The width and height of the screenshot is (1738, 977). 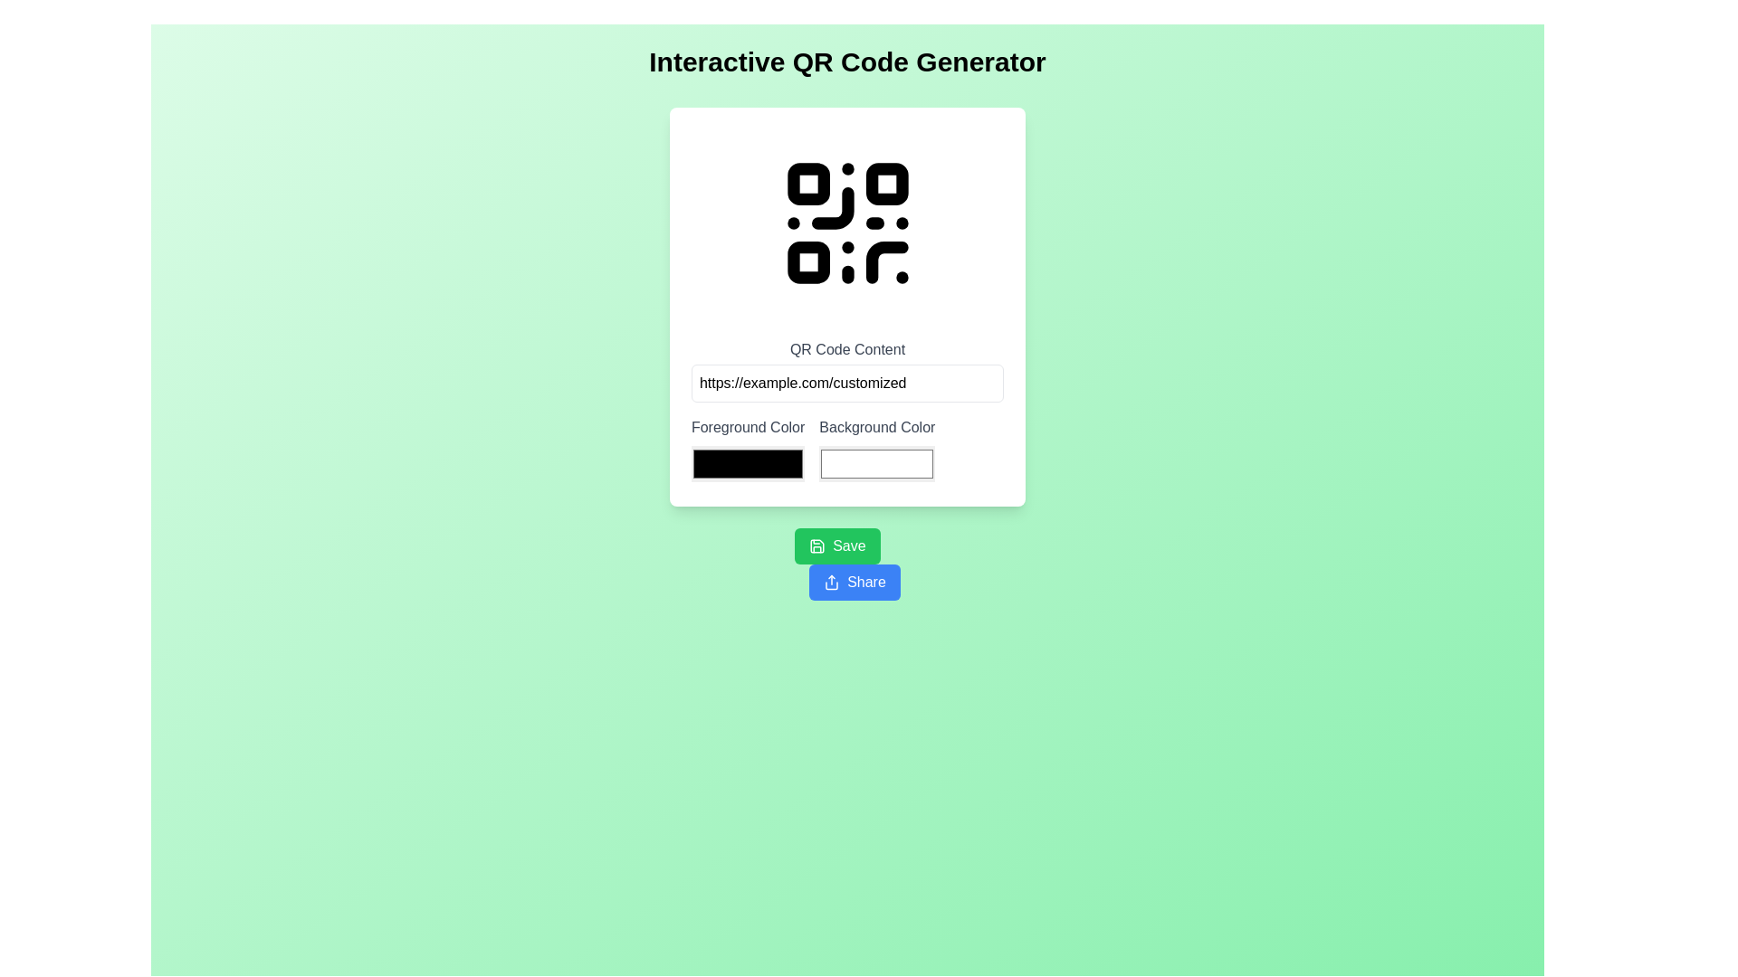 What do you see at coordinates (748, 428) in the screenshot?
I see `the static label text that guides users to the adjacent color input field, located to the left of the color selection field with a black square` at bounding box center [748, 428].